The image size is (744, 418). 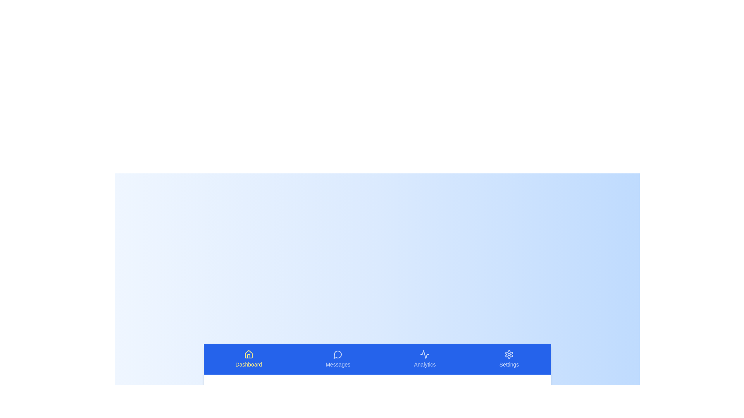 What do you see at coordinates (248, 359) in the screenshot?
I see `the tab labeled 'Dashboard' to observe the hover effect` at bounding box center [248, 359].